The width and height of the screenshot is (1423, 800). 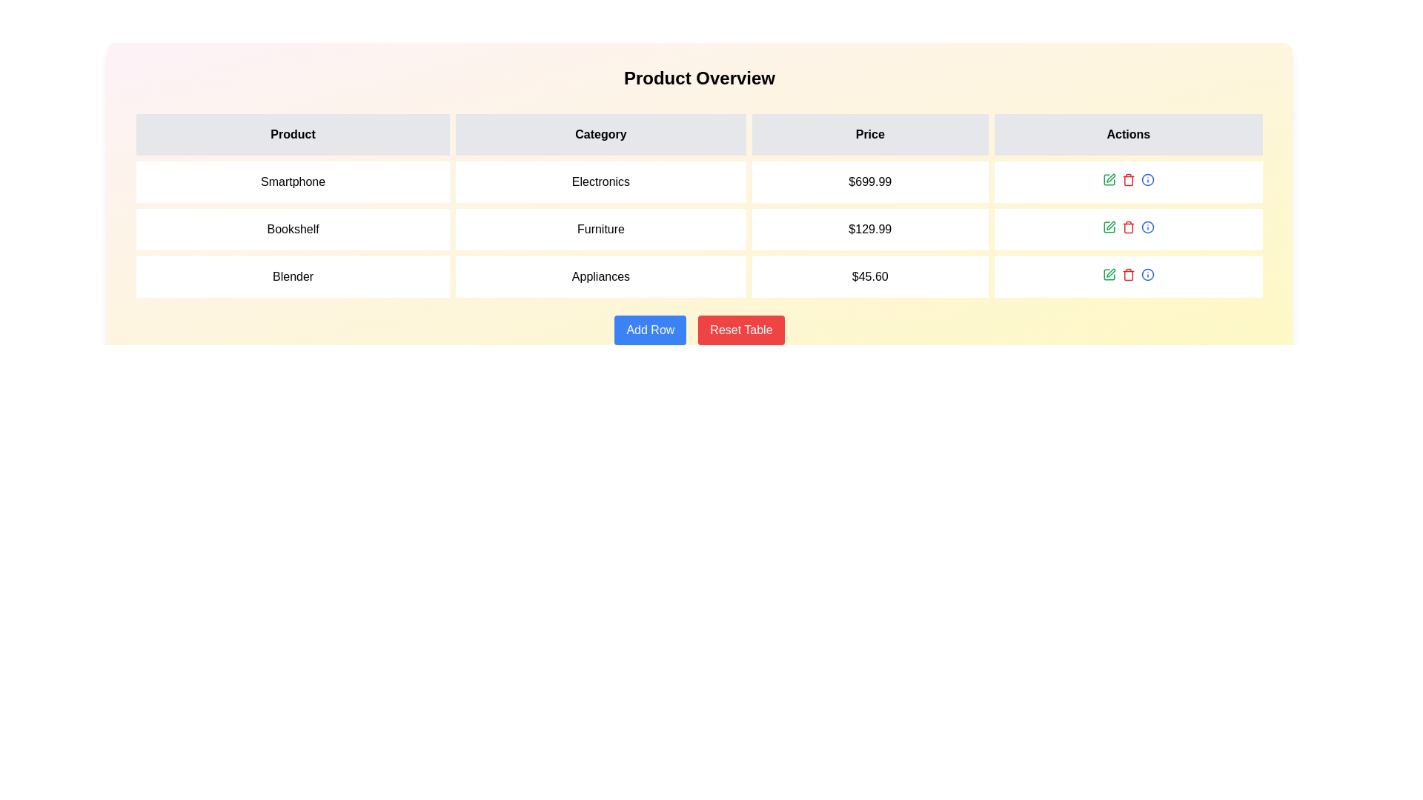 What do you see at coordinates (1147, 274) in the screenshot?
I see `the informational icon button located in the 'Actions' column of the third row of the table for the Blender product to invoke its help-related action` at bounding box center [1147, 274].